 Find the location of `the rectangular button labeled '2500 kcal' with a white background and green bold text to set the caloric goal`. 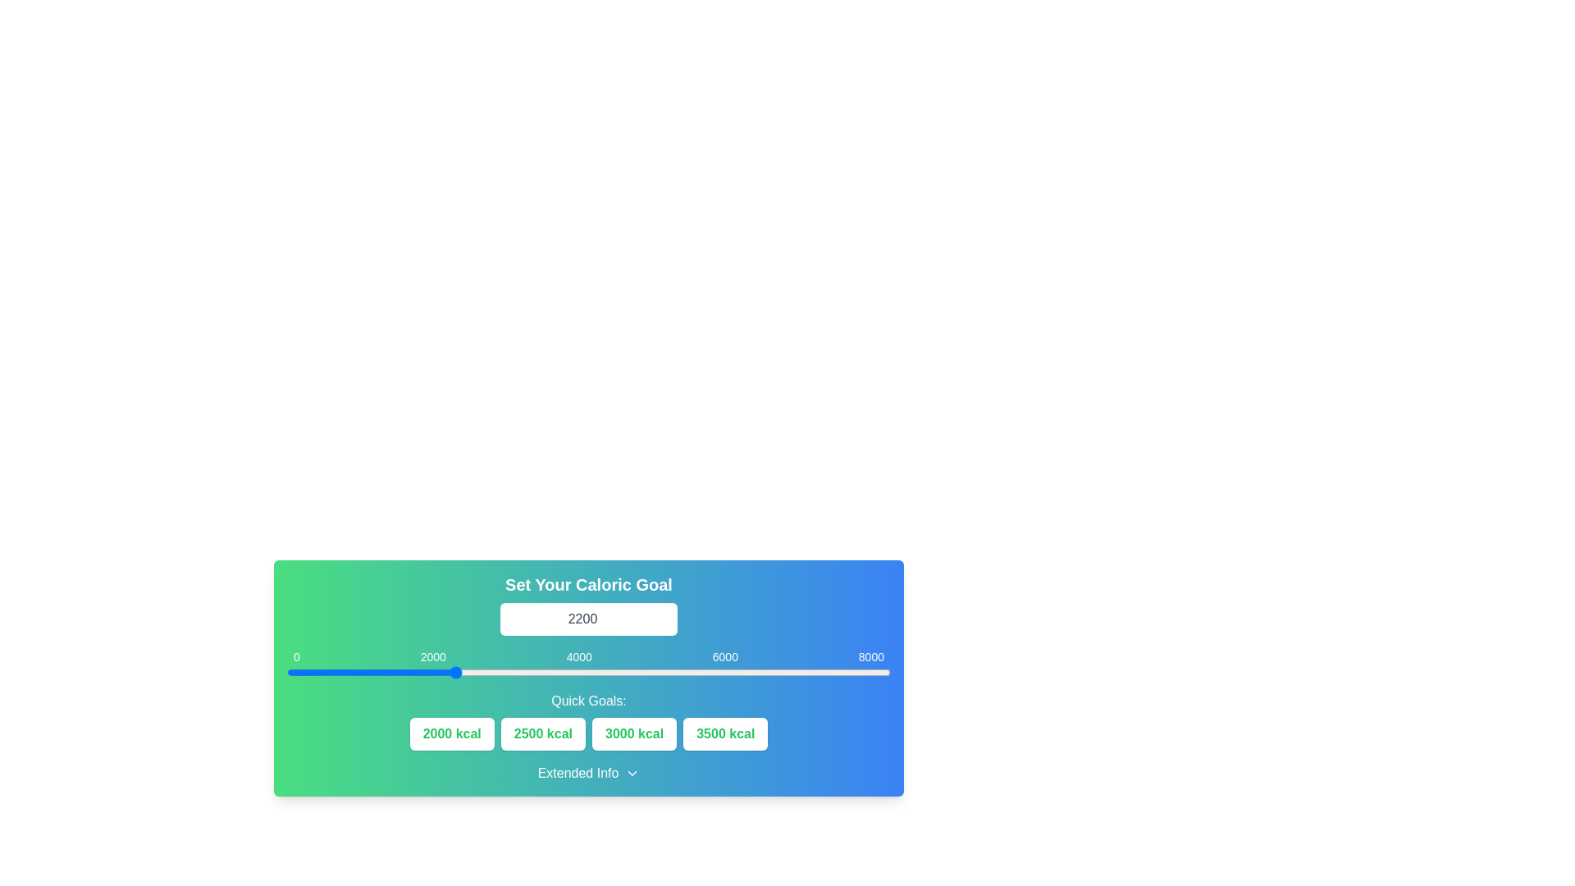

the rectangular button labeled '2500 kcal' with a white background and green bold text to set the caloric goal is located at coordinates (543, 733).